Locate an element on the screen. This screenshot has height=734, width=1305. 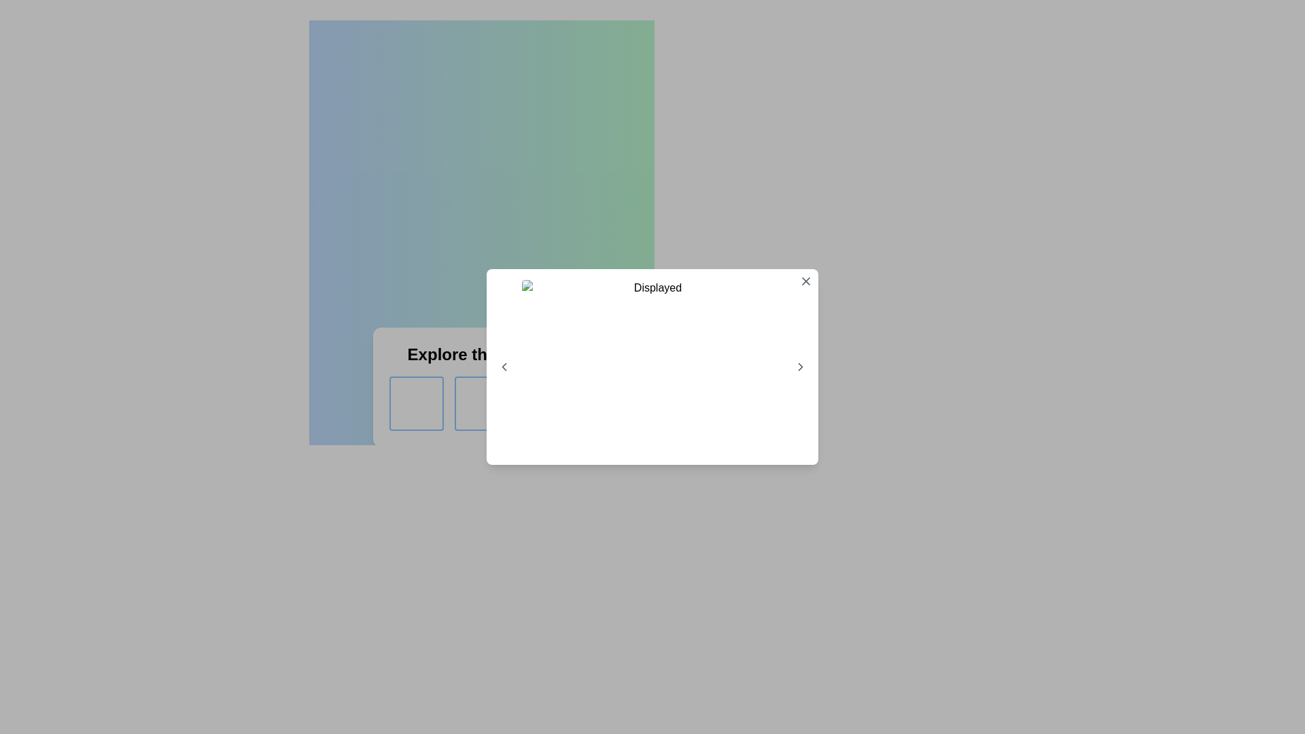
the right-pointing chevron icon is located at coordinates (800, 367).